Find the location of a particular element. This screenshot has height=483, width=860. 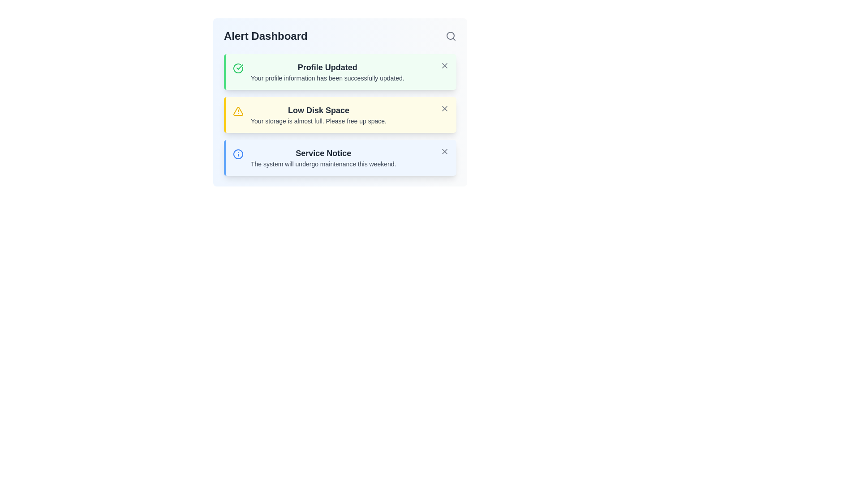

the styled heading text component located at the top of the third notification area under 'Alert Dashboard' is located at coordinates (323, 153).